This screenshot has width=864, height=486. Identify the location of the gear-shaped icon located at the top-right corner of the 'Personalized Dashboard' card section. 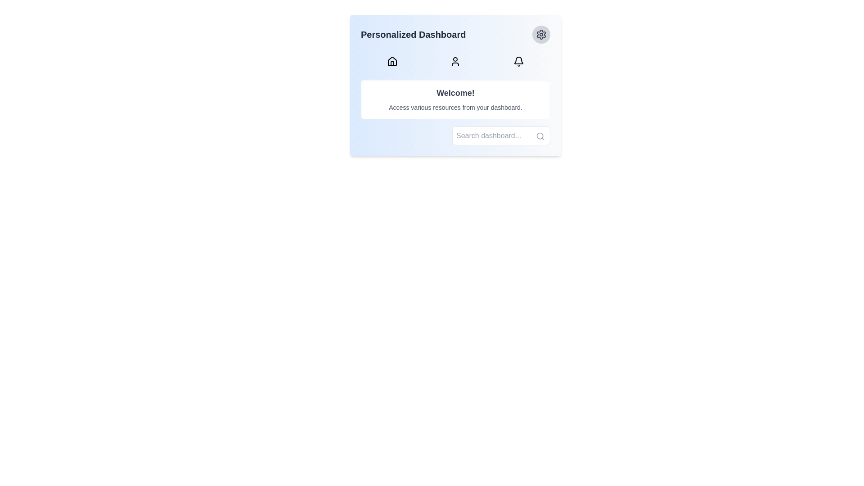
(541, 34).